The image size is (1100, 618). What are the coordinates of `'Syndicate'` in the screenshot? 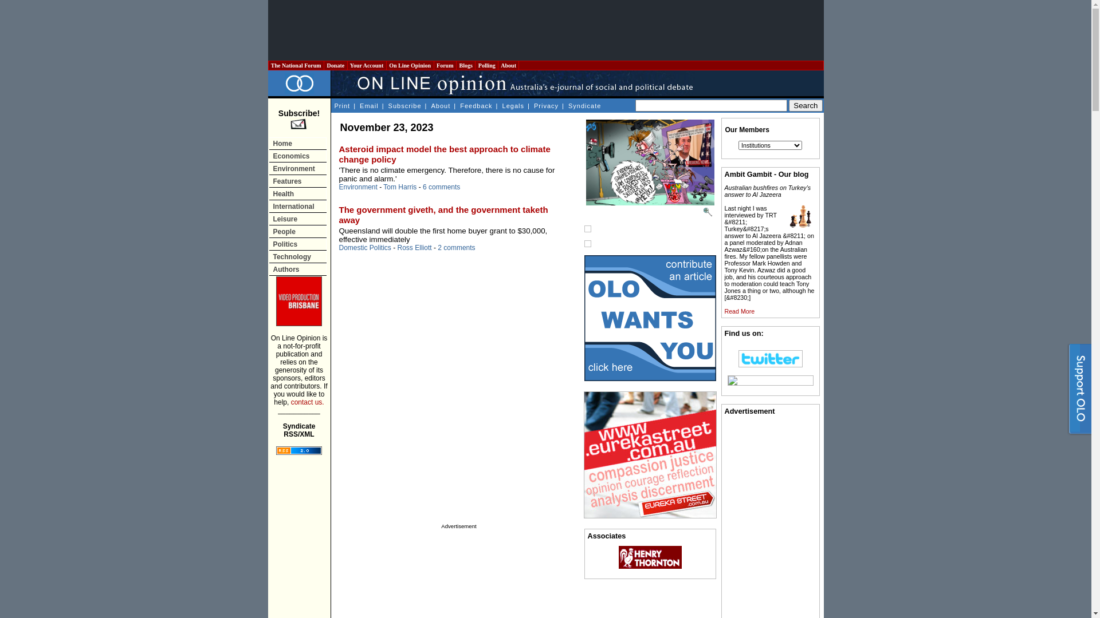 It's located at (584, 105).